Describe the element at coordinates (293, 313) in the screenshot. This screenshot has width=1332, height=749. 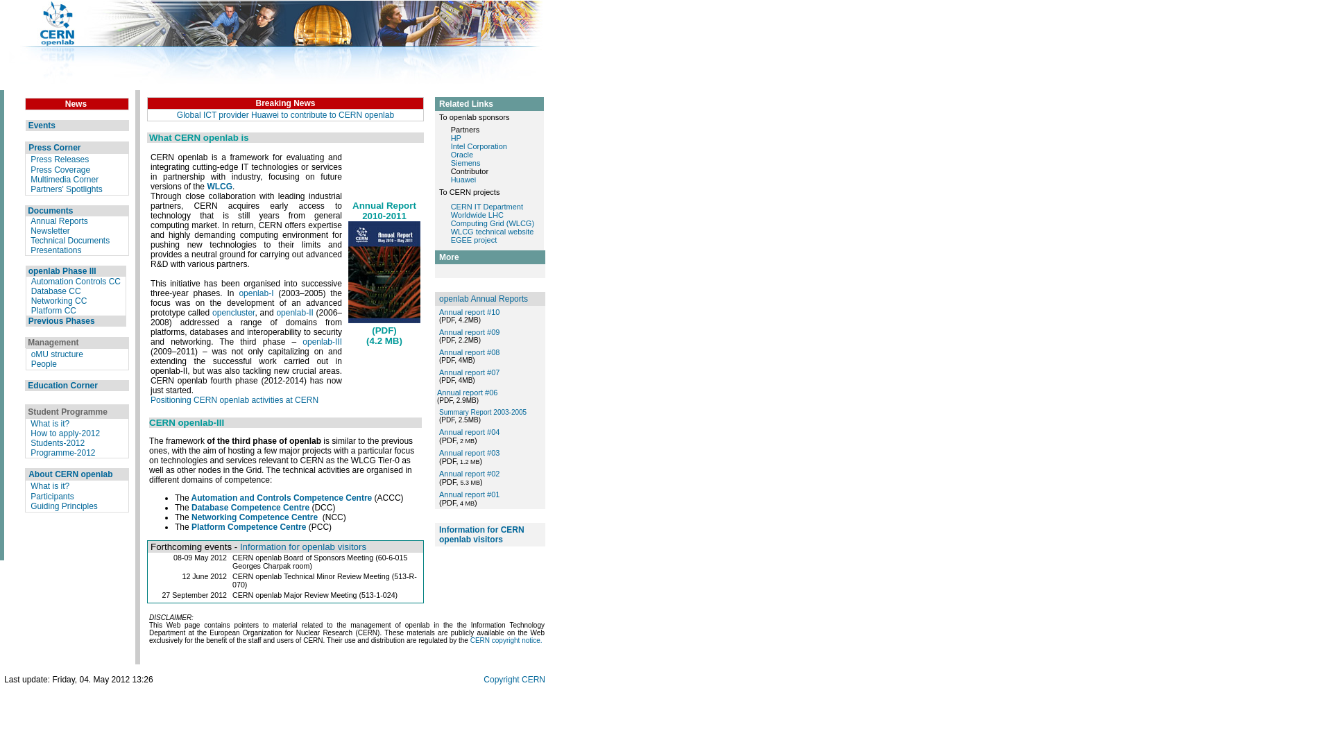
I see `'openlab-II'` at that location.